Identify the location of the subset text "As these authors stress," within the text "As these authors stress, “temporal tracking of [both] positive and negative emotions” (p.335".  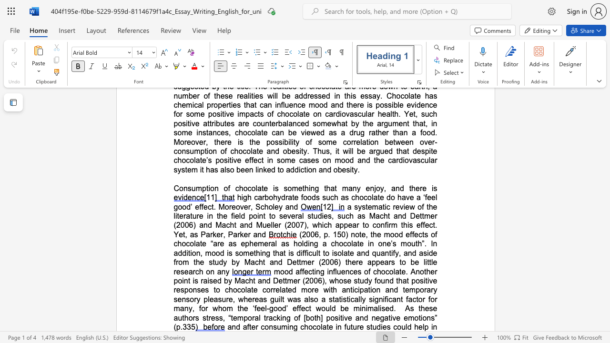
(405, 308).